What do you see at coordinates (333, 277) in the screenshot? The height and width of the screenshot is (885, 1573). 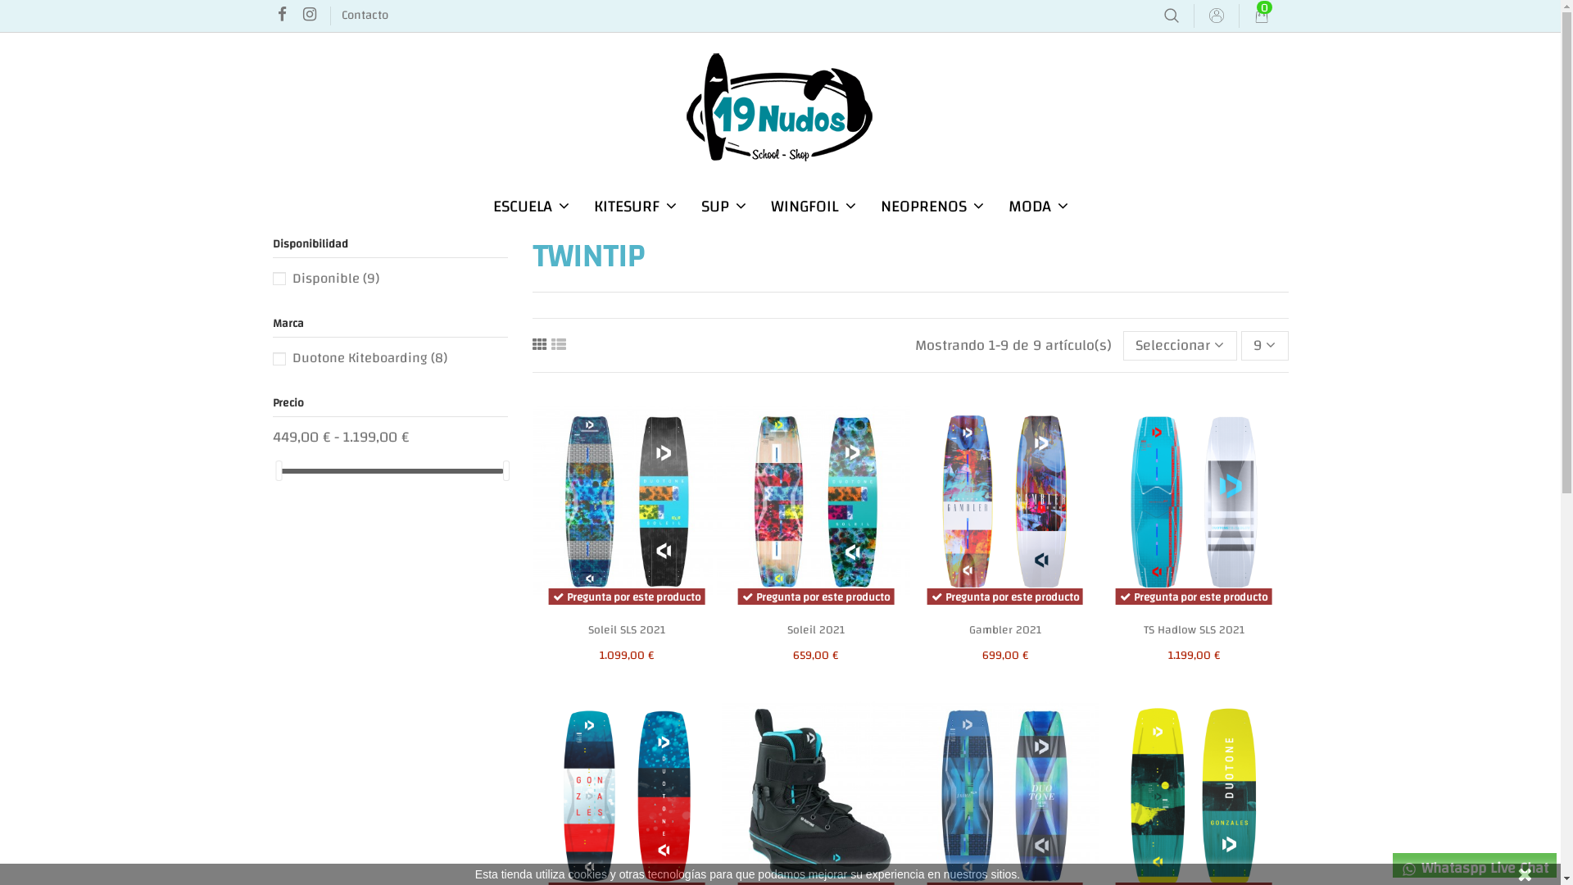 I see `'Disponible (9)'` at bounding box center [333, 277].